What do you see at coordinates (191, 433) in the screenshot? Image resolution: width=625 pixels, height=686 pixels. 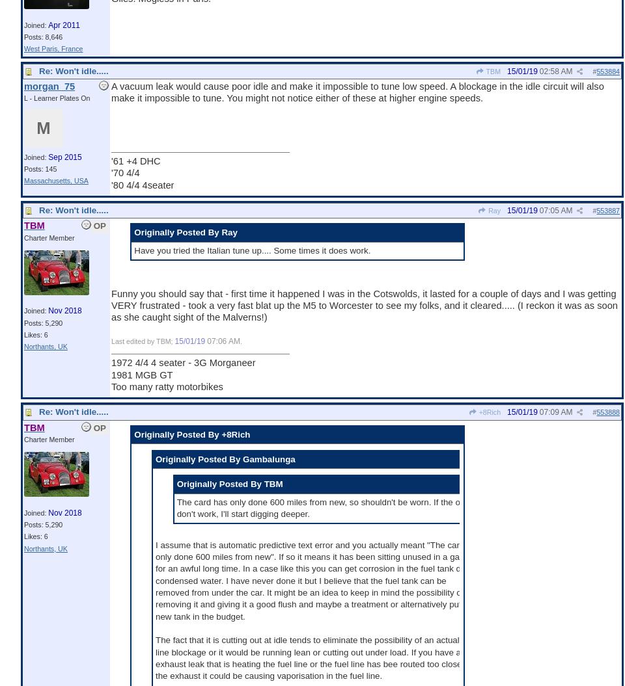 I see `'Originally Posted By +8Rich'` at bounding box center [191, 433].